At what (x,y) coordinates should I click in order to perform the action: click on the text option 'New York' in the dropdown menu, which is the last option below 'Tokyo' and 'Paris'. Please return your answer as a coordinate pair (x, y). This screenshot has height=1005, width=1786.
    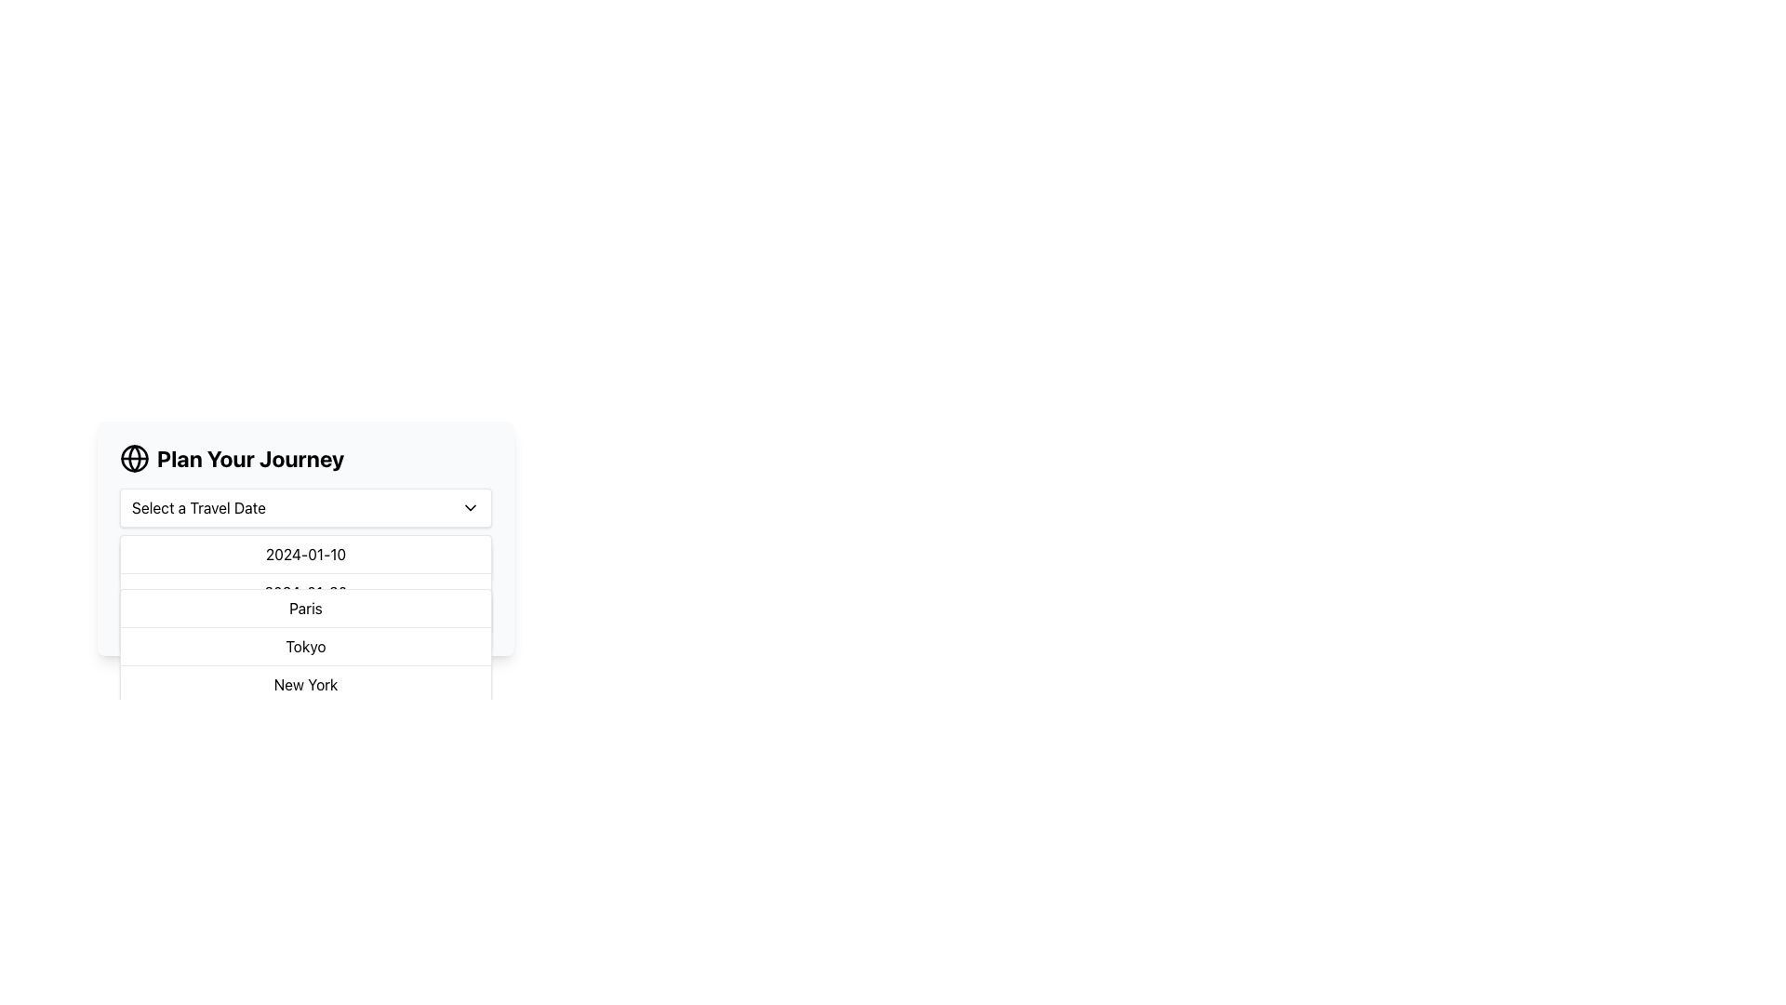
    Looking at the image, I should click on (306, 684).